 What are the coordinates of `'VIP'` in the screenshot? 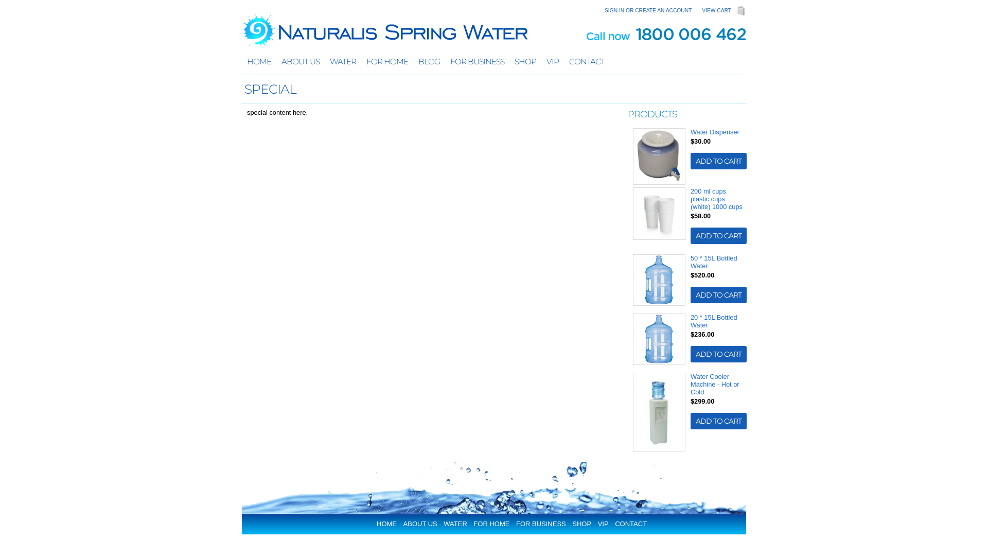 It's located at (606, 524).